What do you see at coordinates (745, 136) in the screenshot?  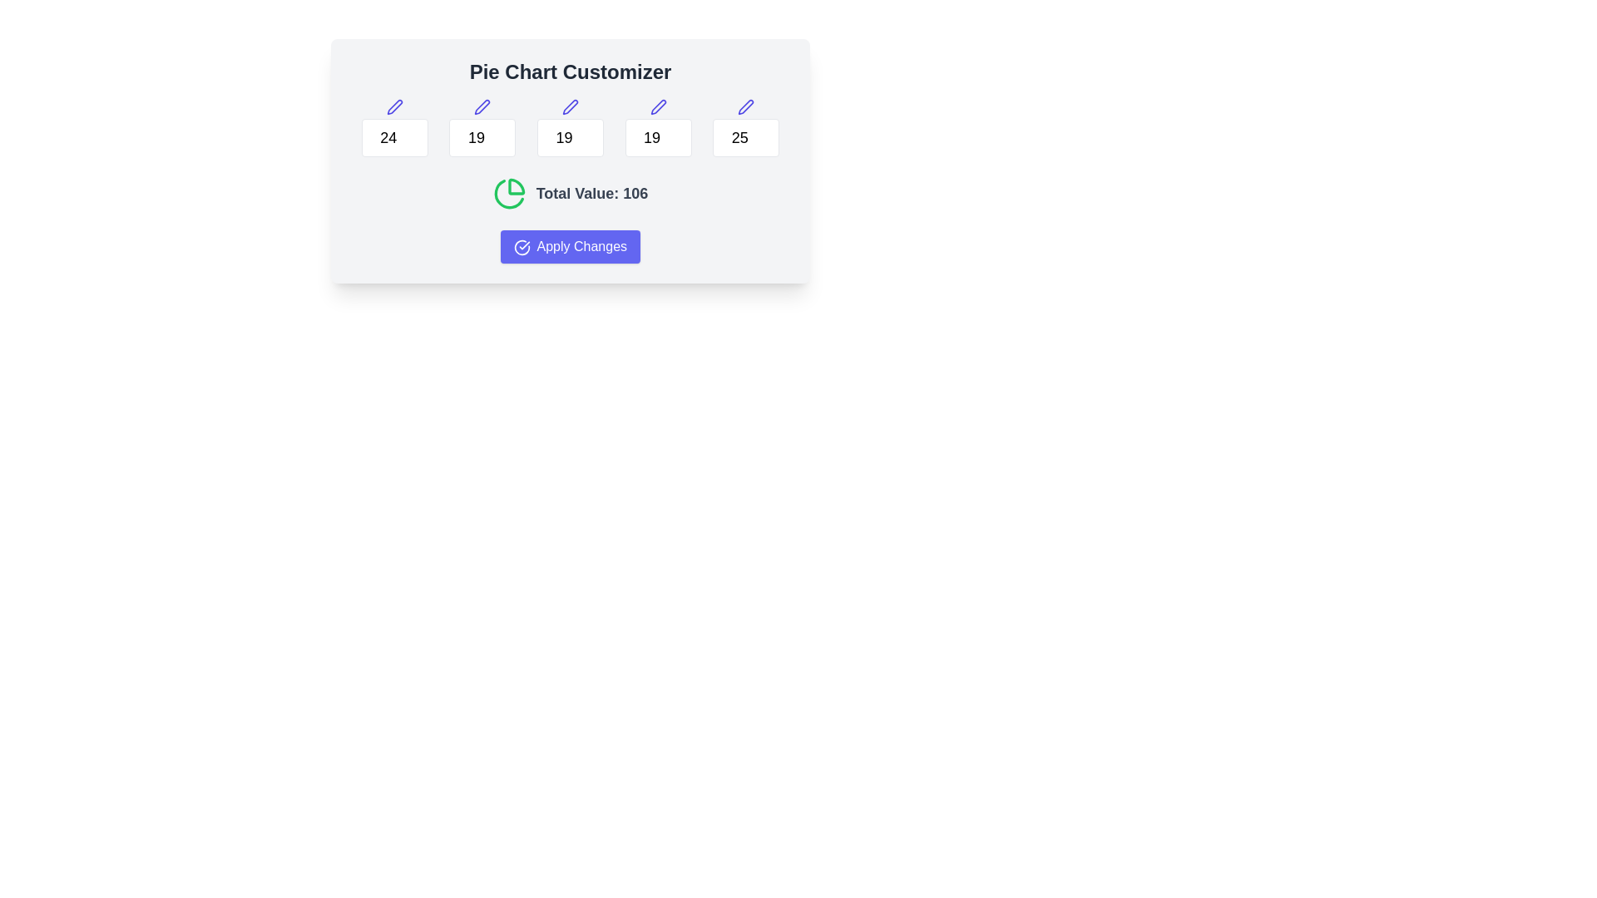 I see `the Number input field in the 'Pie Chart Customizer' section to focus and edit the value '25'. This field is the fifth in a horizontal row of five, located near the top-right corner of its section` at bounding box center [745, 136].